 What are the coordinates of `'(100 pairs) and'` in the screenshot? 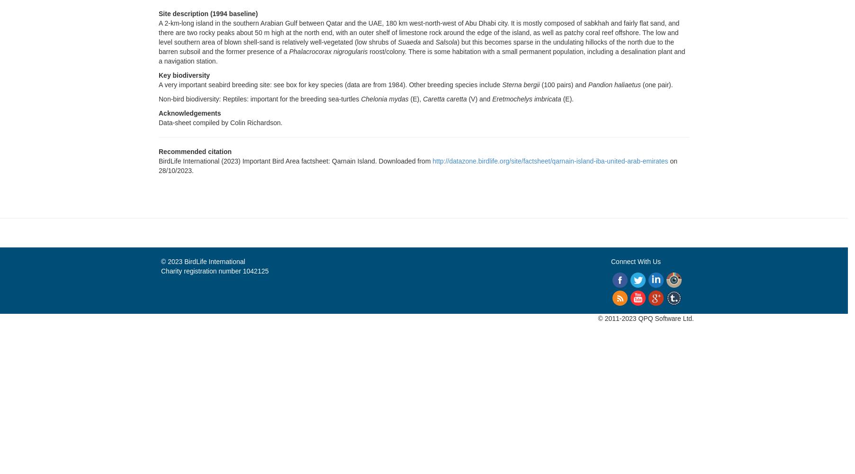 It's located at (539, 85).